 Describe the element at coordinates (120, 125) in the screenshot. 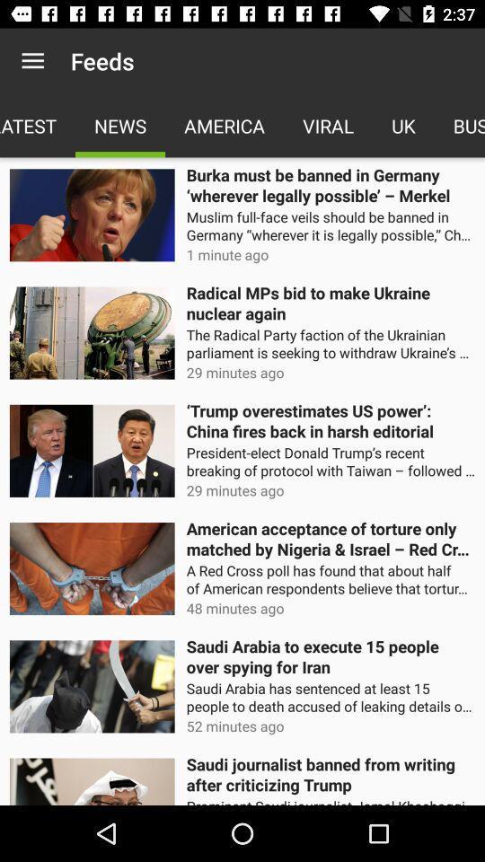

I see `news app` at that location.